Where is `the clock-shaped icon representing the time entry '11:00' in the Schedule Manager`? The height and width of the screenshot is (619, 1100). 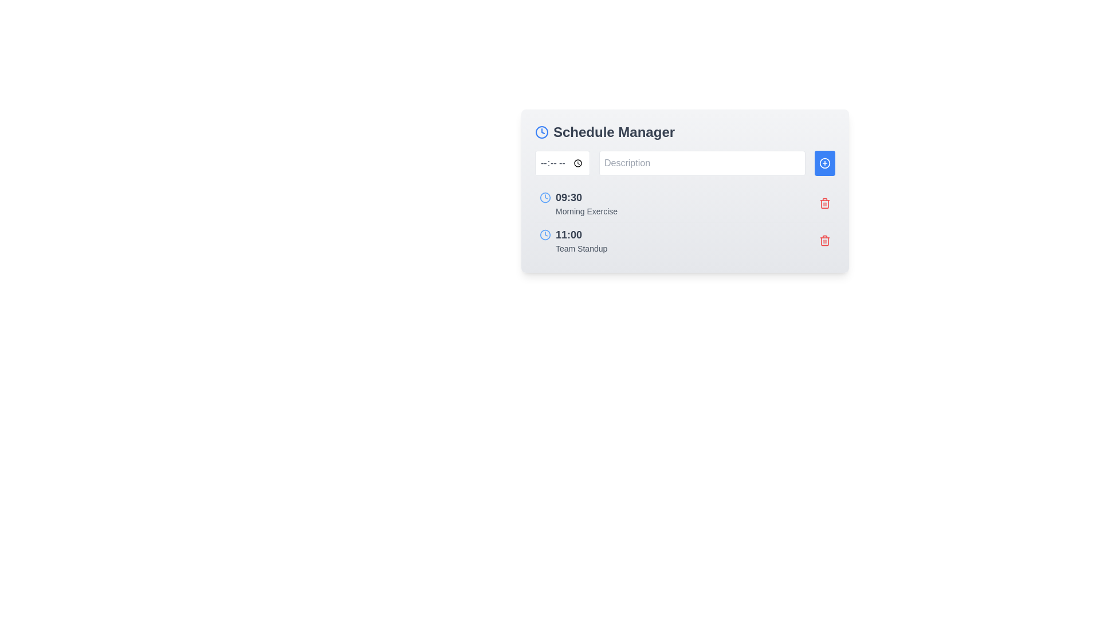
the clock-shaped icon representing the time entry '11:00' in the Schedule Manager is located at coordinates (544, 234).